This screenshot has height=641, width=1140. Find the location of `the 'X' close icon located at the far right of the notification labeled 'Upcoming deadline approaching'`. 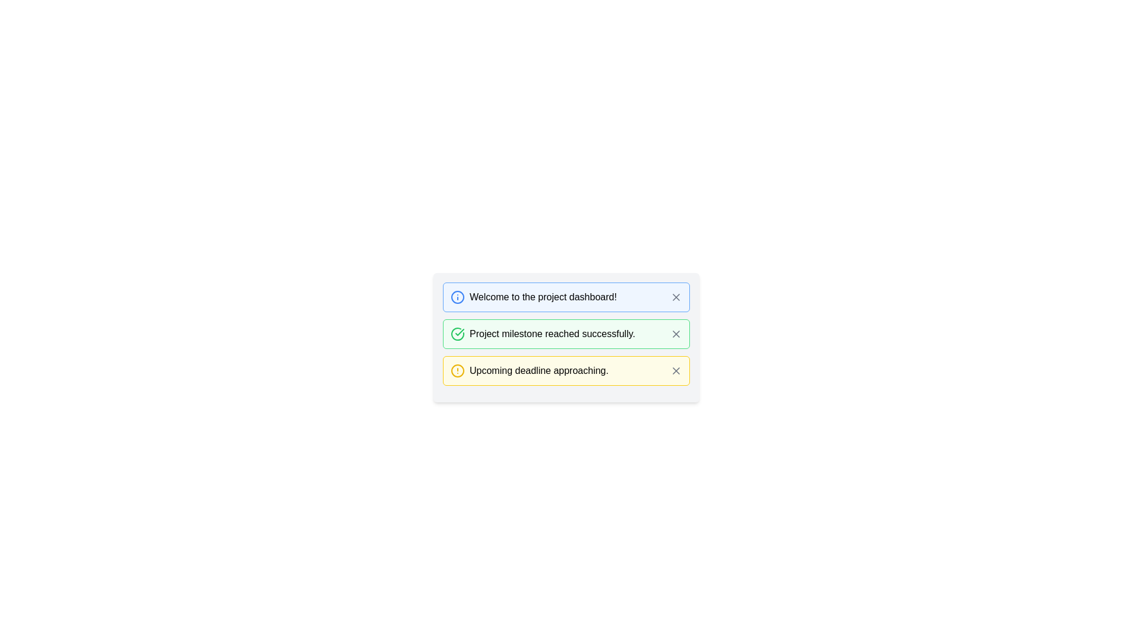

the 'X' close icon located at the far right of the notification labeled 'Upcoming deadline approaching' is located at coordinates (676, 370).